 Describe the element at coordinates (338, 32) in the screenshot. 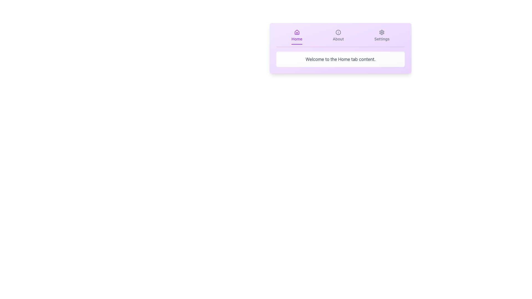

I see `the 'About' SVG icon located centrally in the top navigation bar, which serves as the visual representation of the 'About' tab` at that location.